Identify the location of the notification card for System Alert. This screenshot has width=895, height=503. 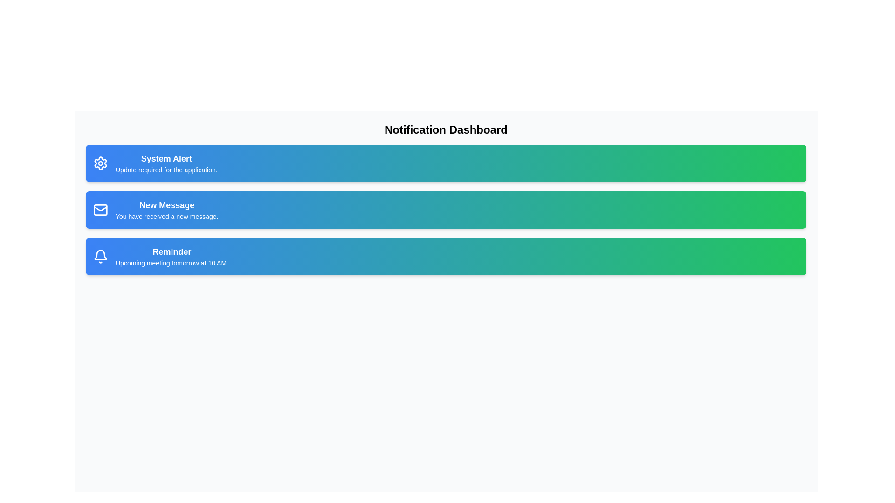
(445, 163).